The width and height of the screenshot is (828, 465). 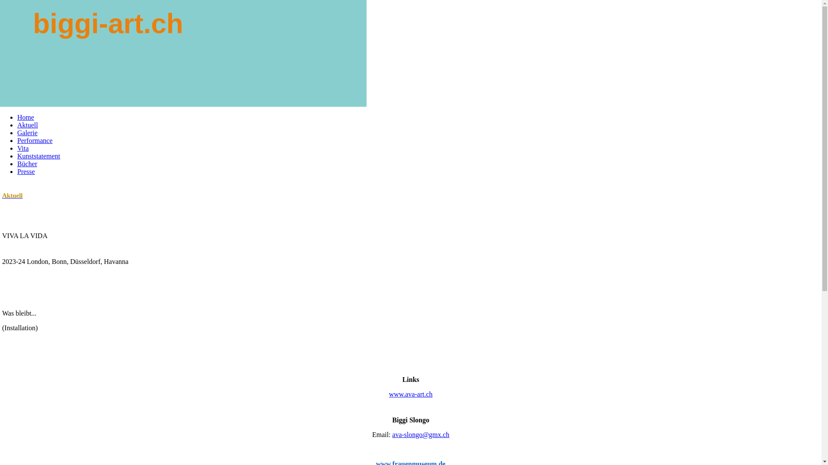 I want to click on 'Galerie', so click(x=27, y=133).